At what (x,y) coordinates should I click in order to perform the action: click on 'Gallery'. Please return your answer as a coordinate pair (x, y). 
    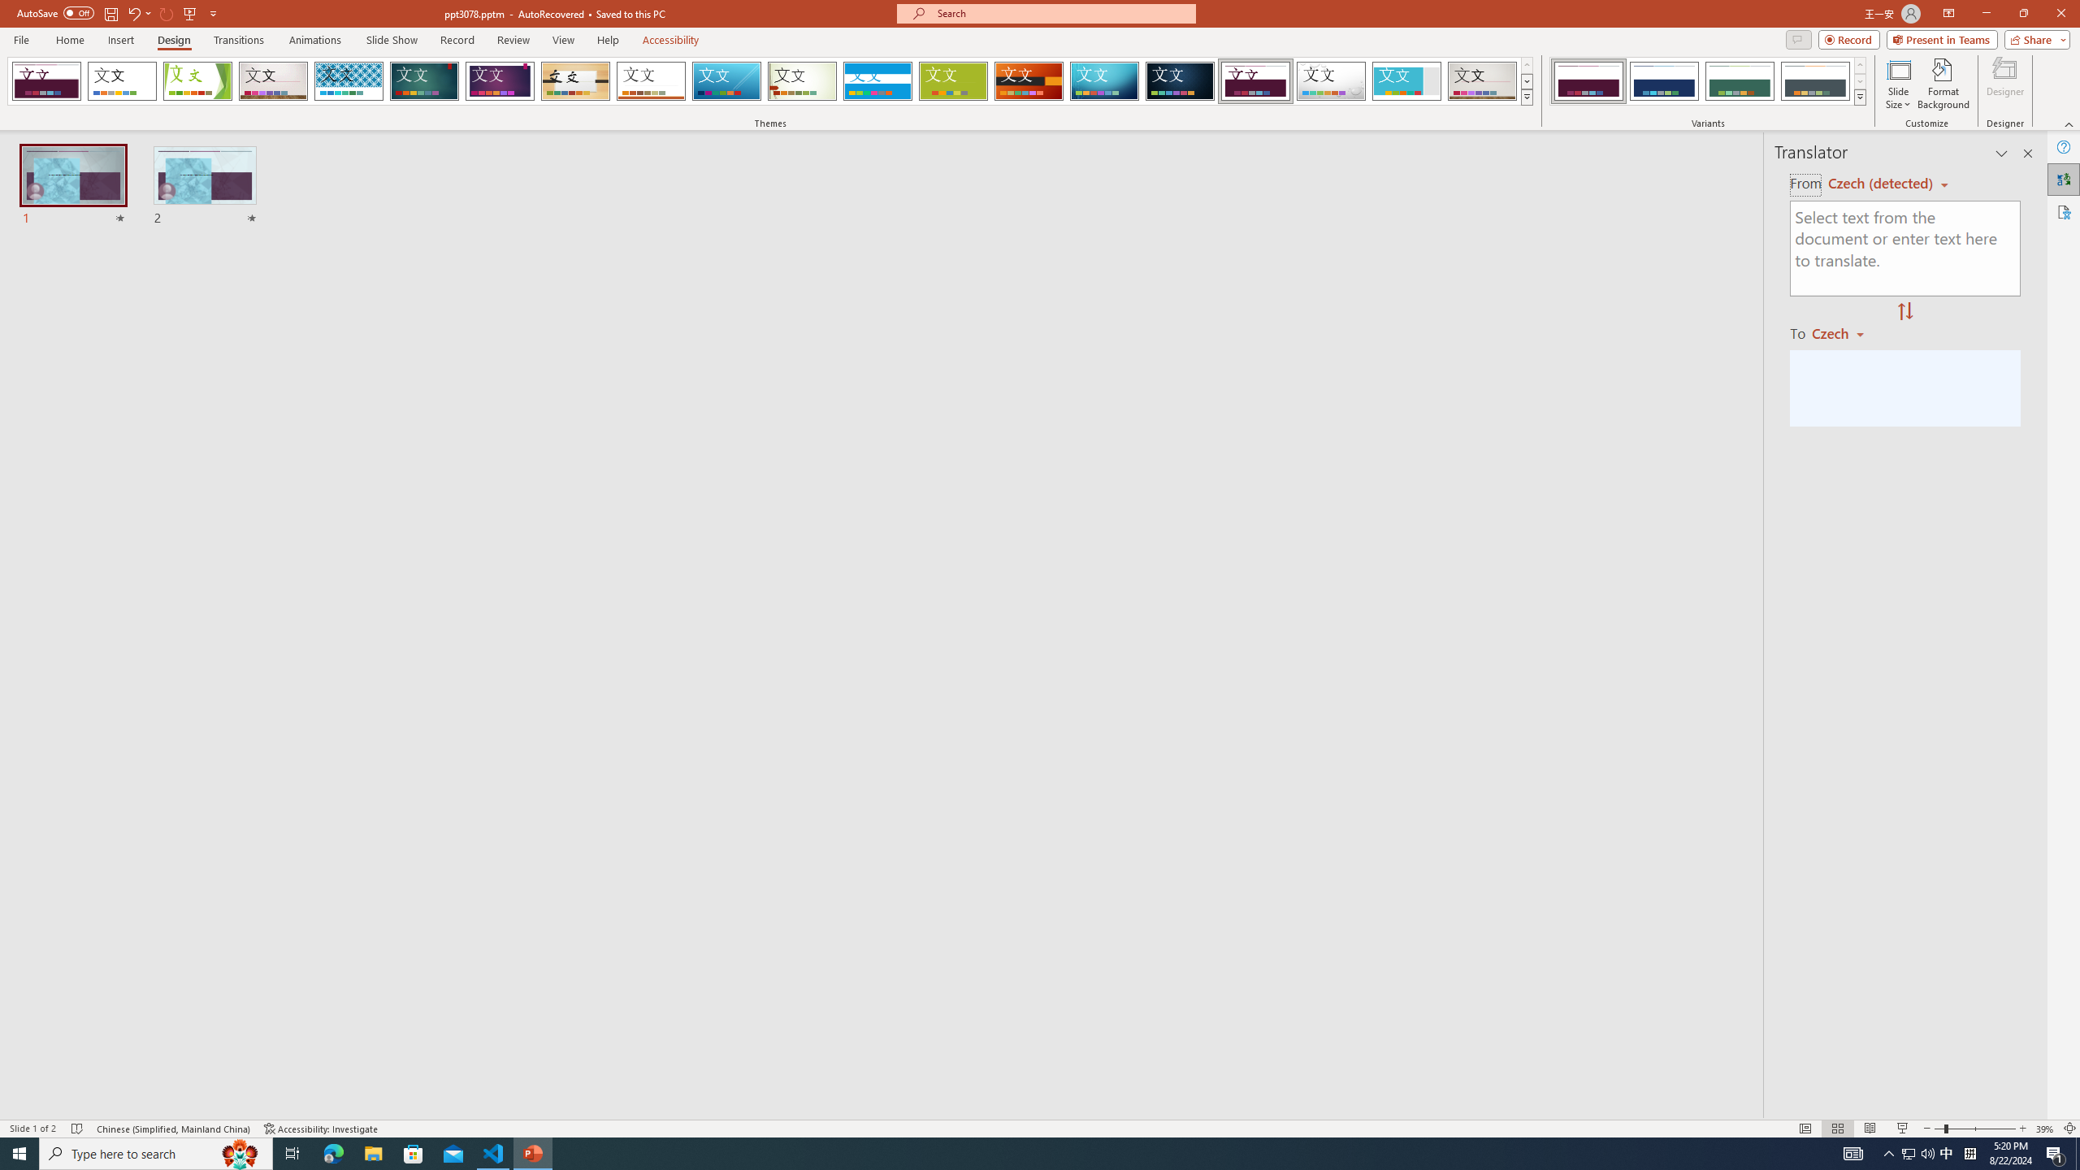
    Looking at the image, I should click on (1483, 80).